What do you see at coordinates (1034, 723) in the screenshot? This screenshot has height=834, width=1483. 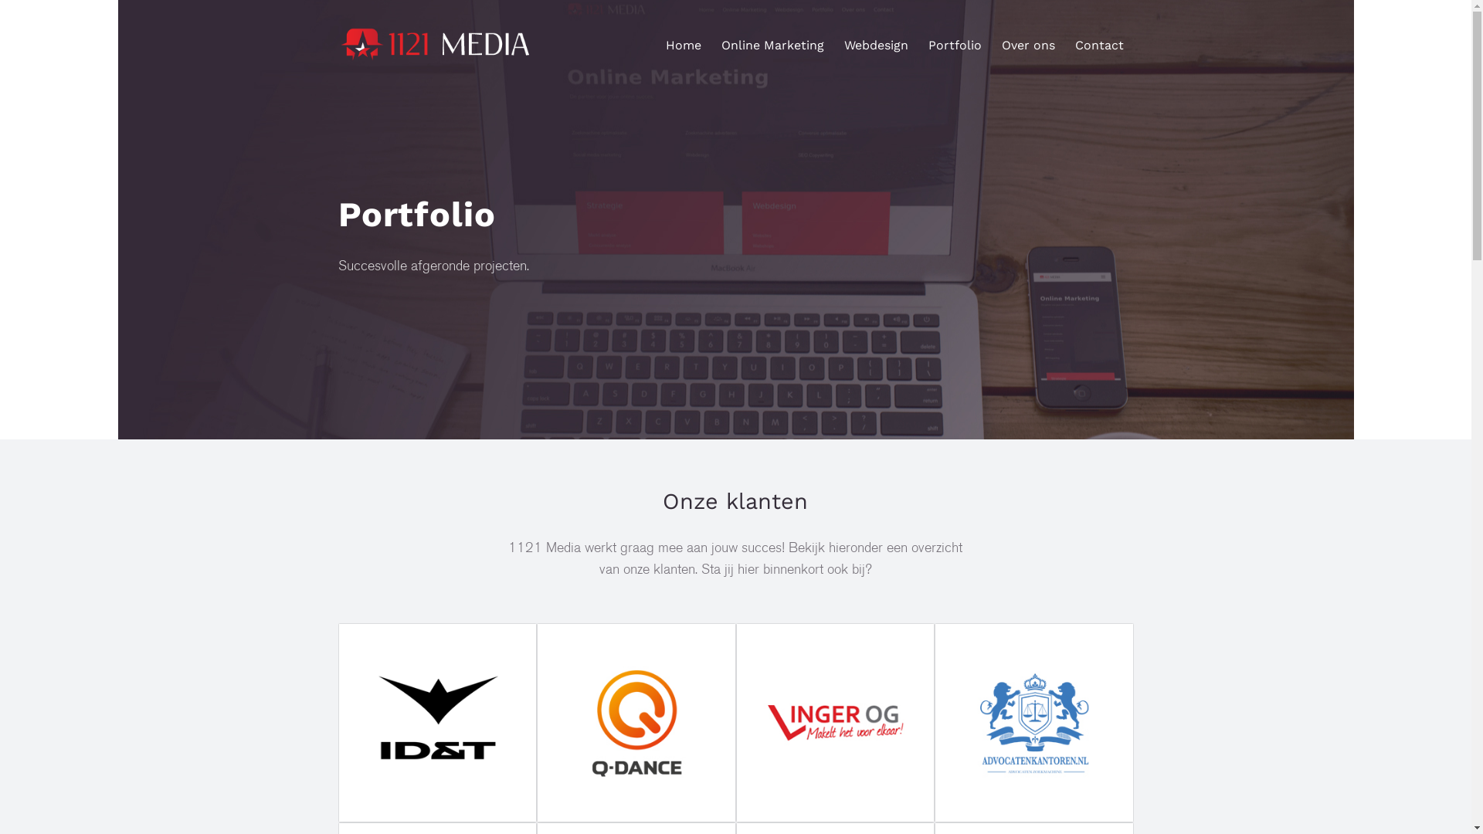 I see `'Advocatenkantoren.nl'` at bounding box center [1034, 723].